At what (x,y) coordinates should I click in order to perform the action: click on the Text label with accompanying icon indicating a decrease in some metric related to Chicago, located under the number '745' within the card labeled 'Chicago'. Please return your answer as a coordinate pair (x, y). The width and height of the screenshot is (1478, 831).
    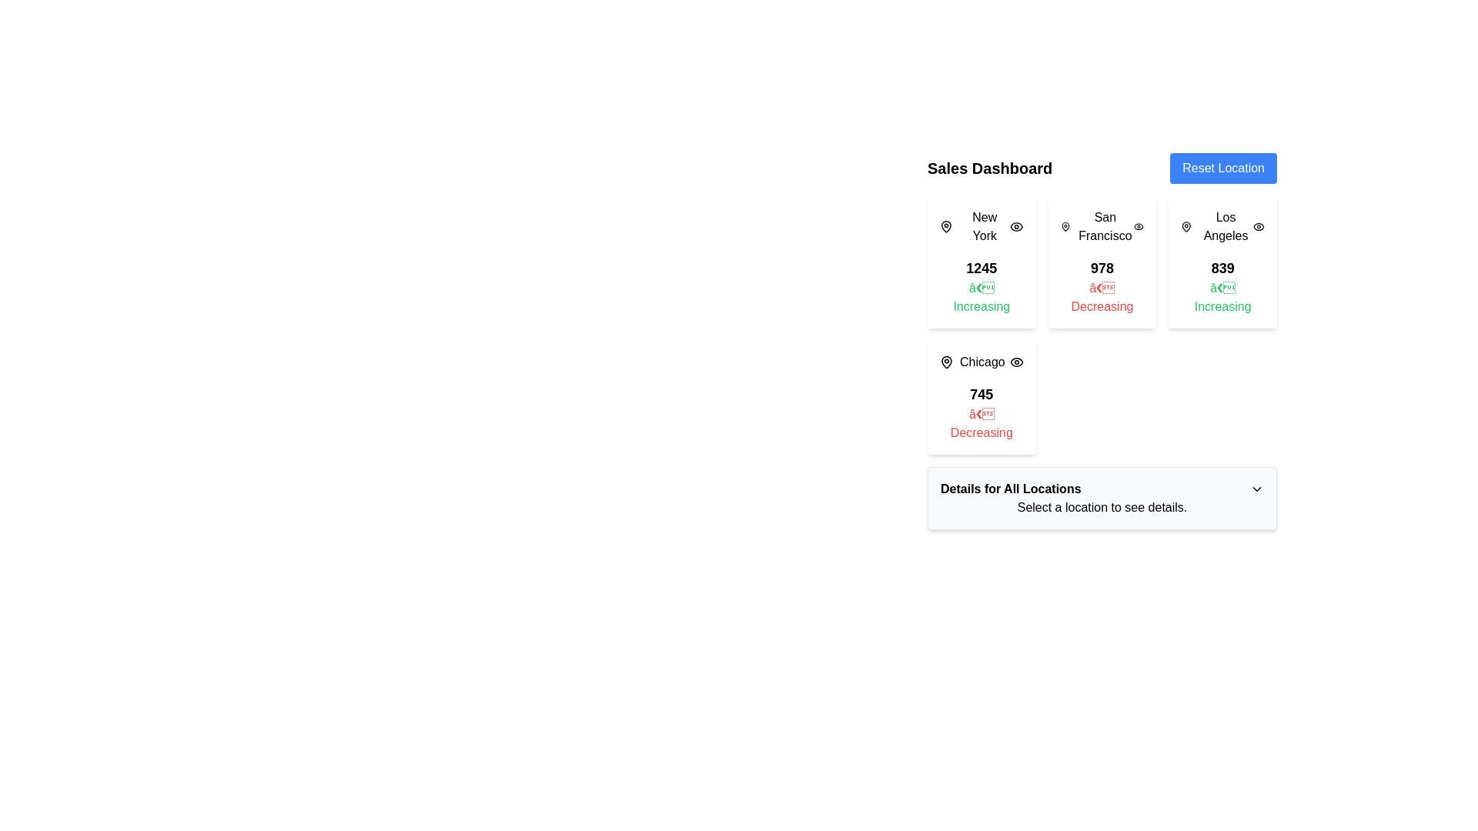
    Looking at the image, I should click on (981, 424).